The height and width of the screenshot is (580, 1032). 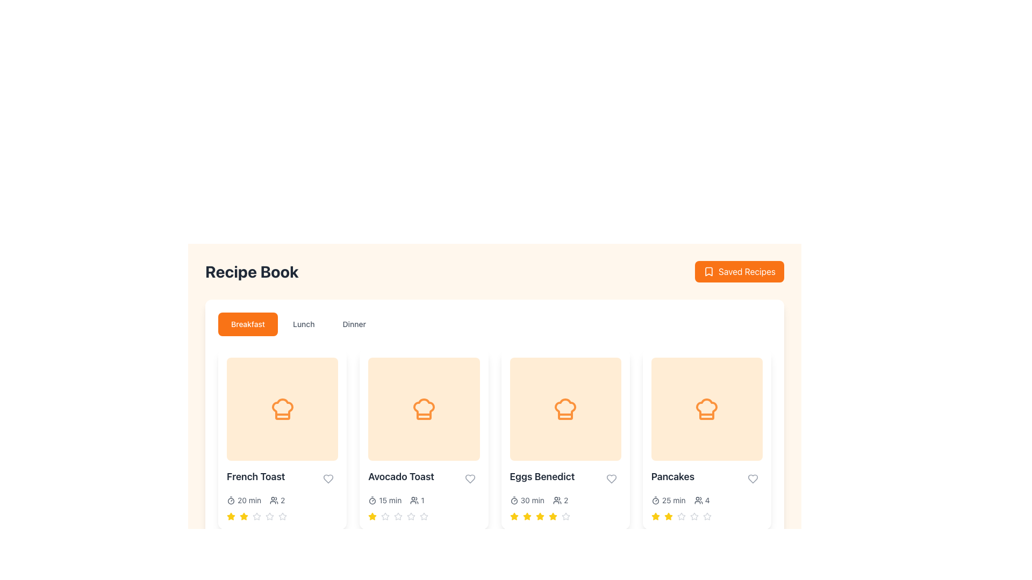 I want to click on text label displaying 'Avocado Toast' located beneath the chef's hat icon within the recipe card, so click(x=400, y=476).